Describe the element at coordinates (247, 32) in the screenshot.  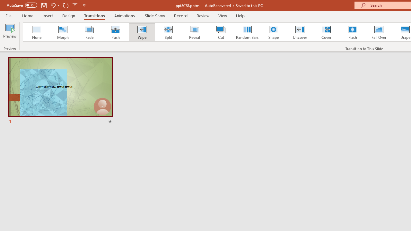
I see `'Random Bars'` at that location.